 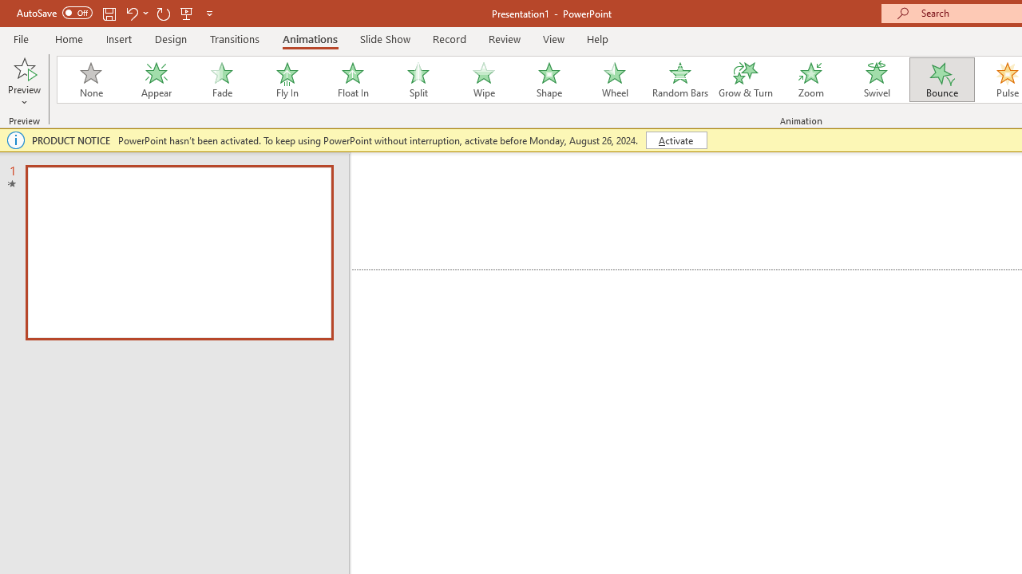 What do you see at coordinates (220, 80) in the screenshot?
I see `'Fade'` at bounding box center [220, 80].